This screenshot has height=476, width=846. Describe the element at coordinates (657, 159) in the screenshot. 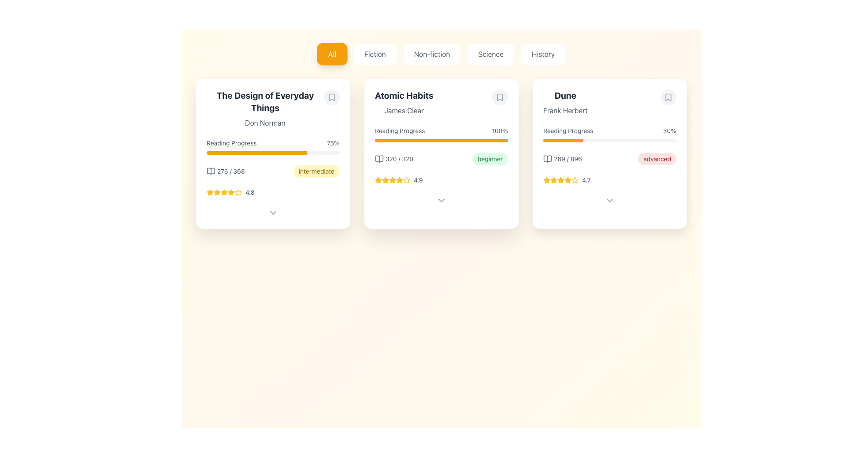

I see `the label with red background and text reading 'advanced', located in the bottom right corner of the 'Dune' book card, near the progress statistics '269 / 896'` at that location.